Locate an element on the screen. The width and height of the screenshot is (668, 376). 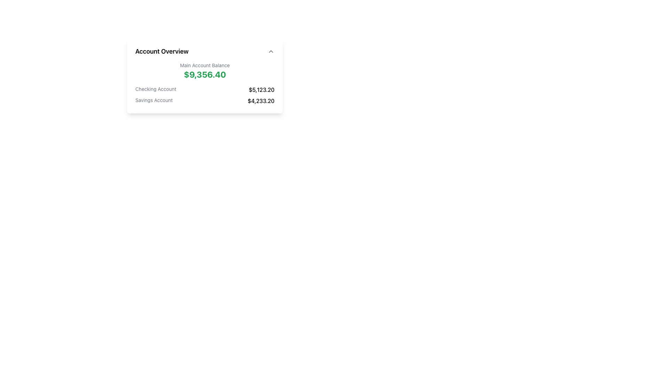
the text label 'Checking Account' which is styled in smaller gray font and positioned to the left of the monetary value '$5,123.20' is located at coordinates (155, 89).